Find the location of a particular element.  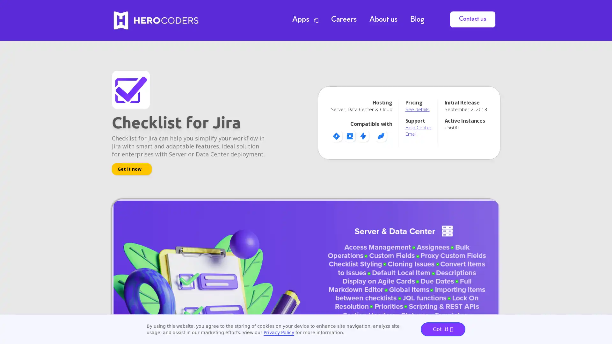

Got it! is located at coordinates (443, 329).